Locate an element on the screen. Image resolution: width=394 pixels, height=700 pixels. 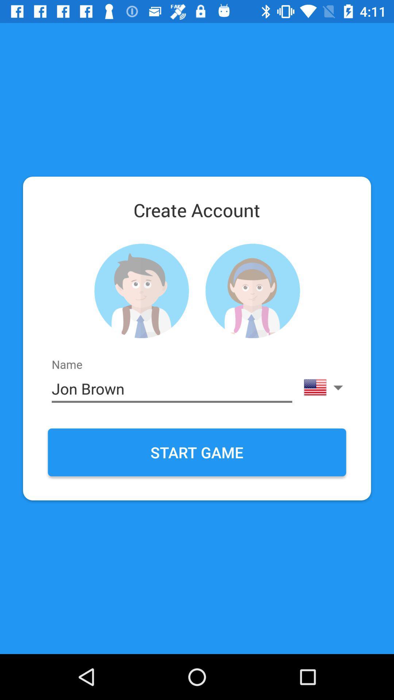
female is located at coordinates (252, 291).